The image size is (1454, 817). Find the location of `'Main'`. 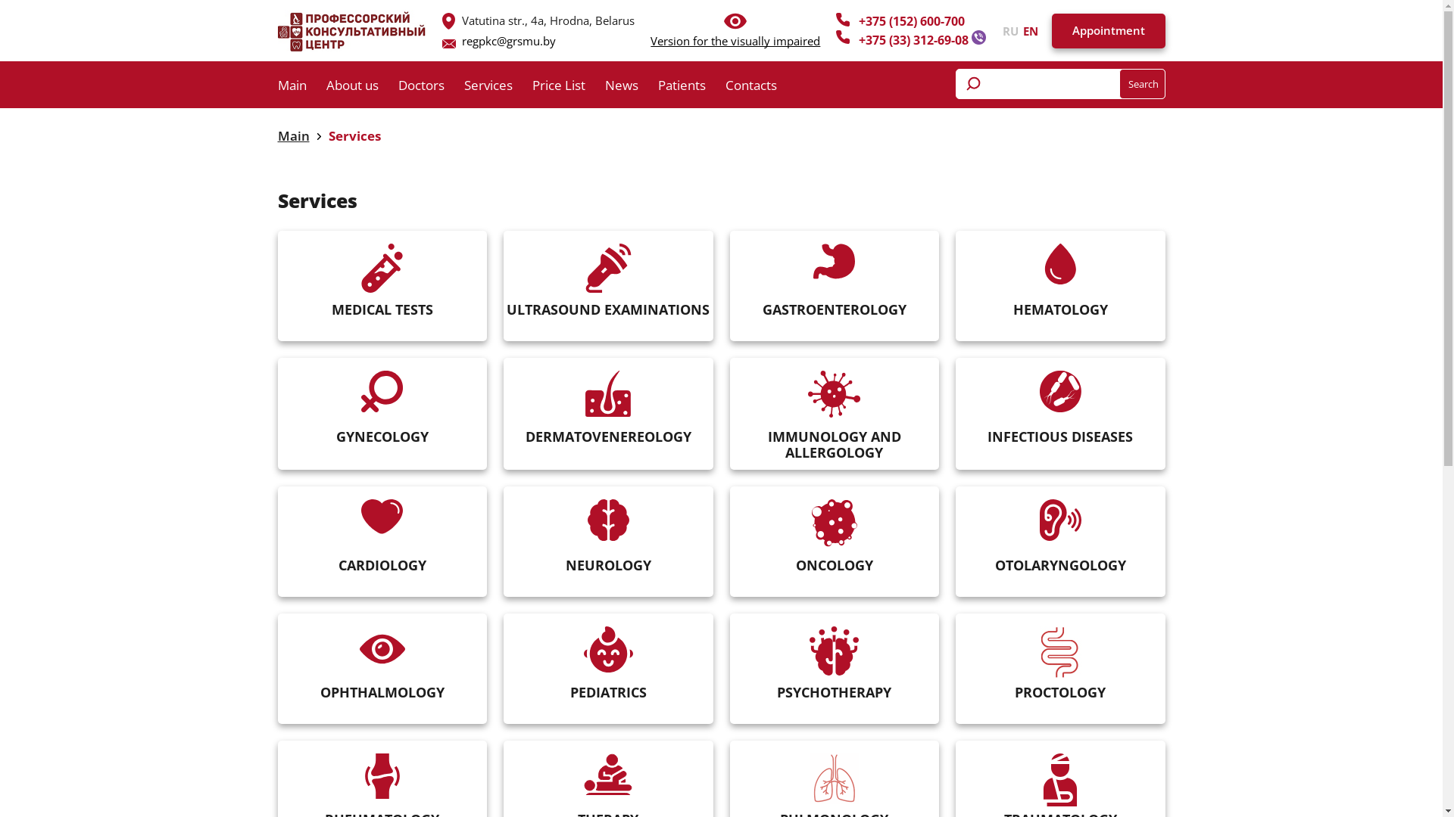

'Main' is located at coordinates (293, 135).